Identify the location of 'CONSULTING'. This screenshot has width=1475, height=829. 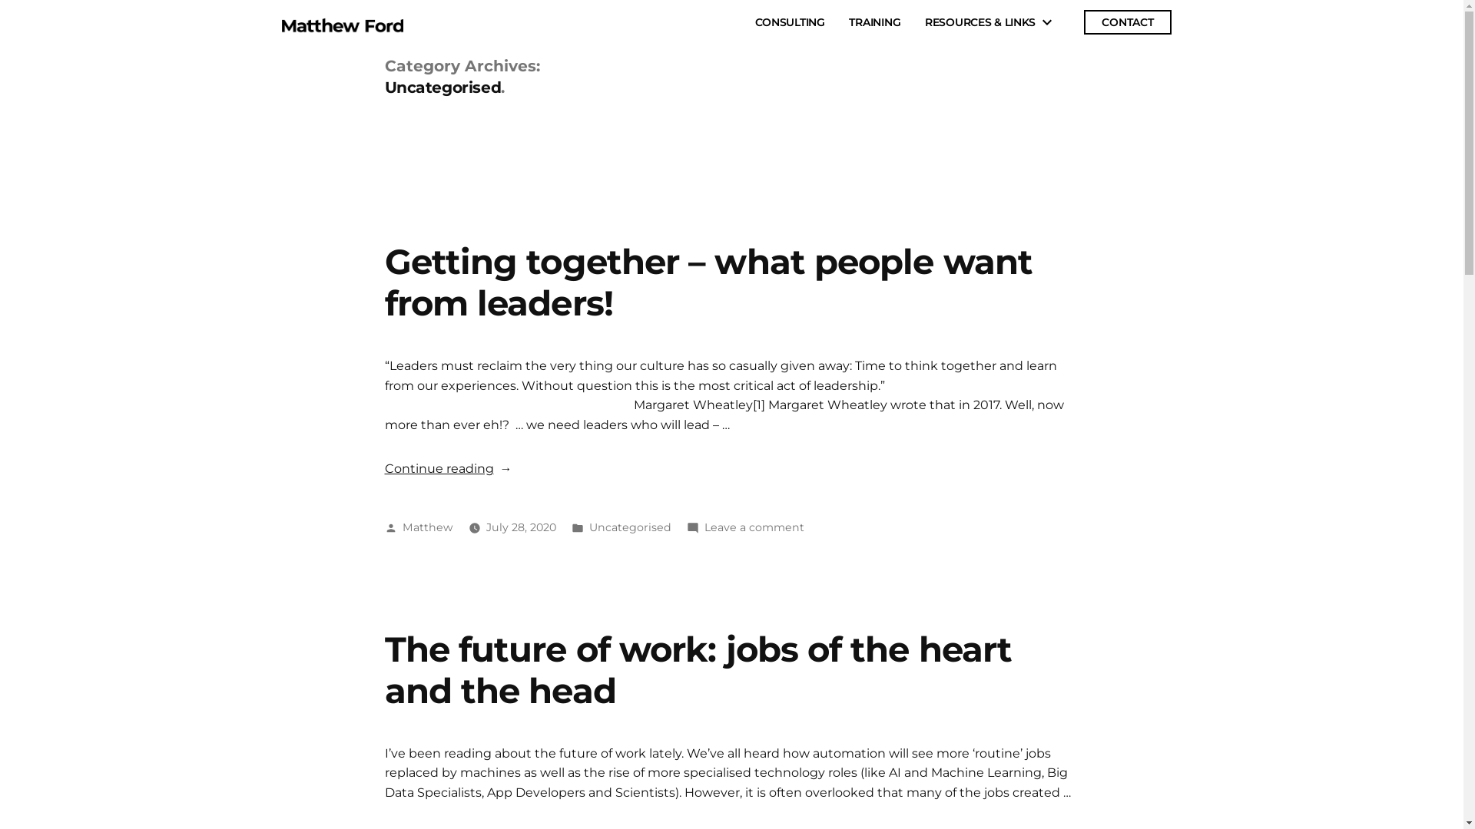
(755, 22).